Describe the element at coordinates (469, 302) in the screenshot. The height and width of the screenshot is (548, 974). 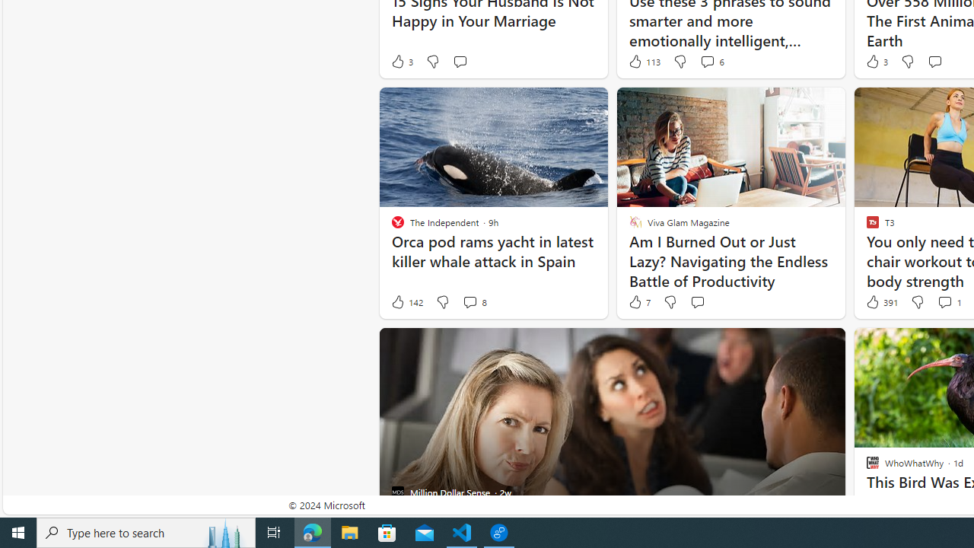
I see `'View comments 8 Comment'` at that location.